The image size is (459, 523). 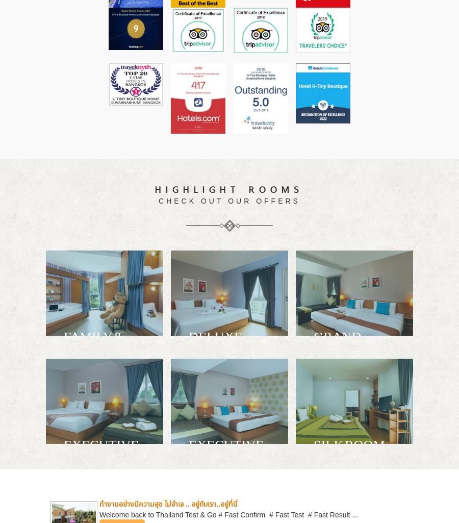 I want to click on 'Complete with contemporary room design and a range of creature comforts so you feel right at home.', so click(x=229, y=381).